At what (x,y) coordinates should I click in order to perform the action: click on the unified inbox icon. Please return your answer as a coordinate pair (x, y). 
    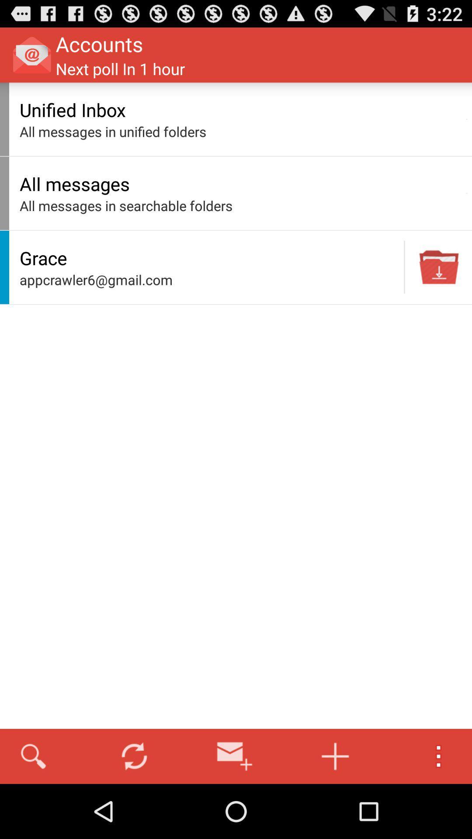
    Looking at the image, I should click on (240, 109).